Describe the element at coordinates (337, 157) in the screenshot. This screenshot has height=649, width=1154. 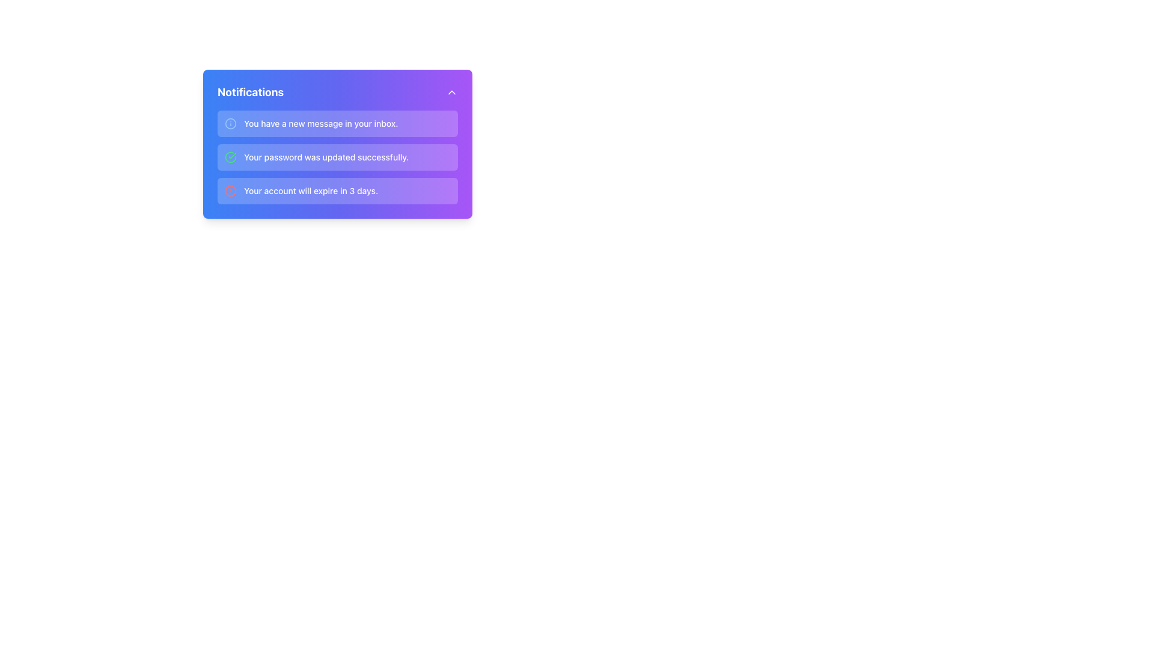
I see `the notification message box indicating a successful password update, which is the second notification in the list of notifications` at that location.